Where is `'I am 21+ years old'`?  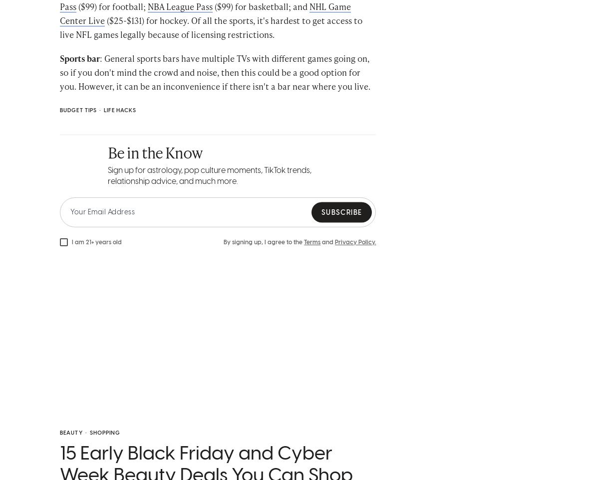 'I am 21+ years old' is located at coordinates (96, 255).